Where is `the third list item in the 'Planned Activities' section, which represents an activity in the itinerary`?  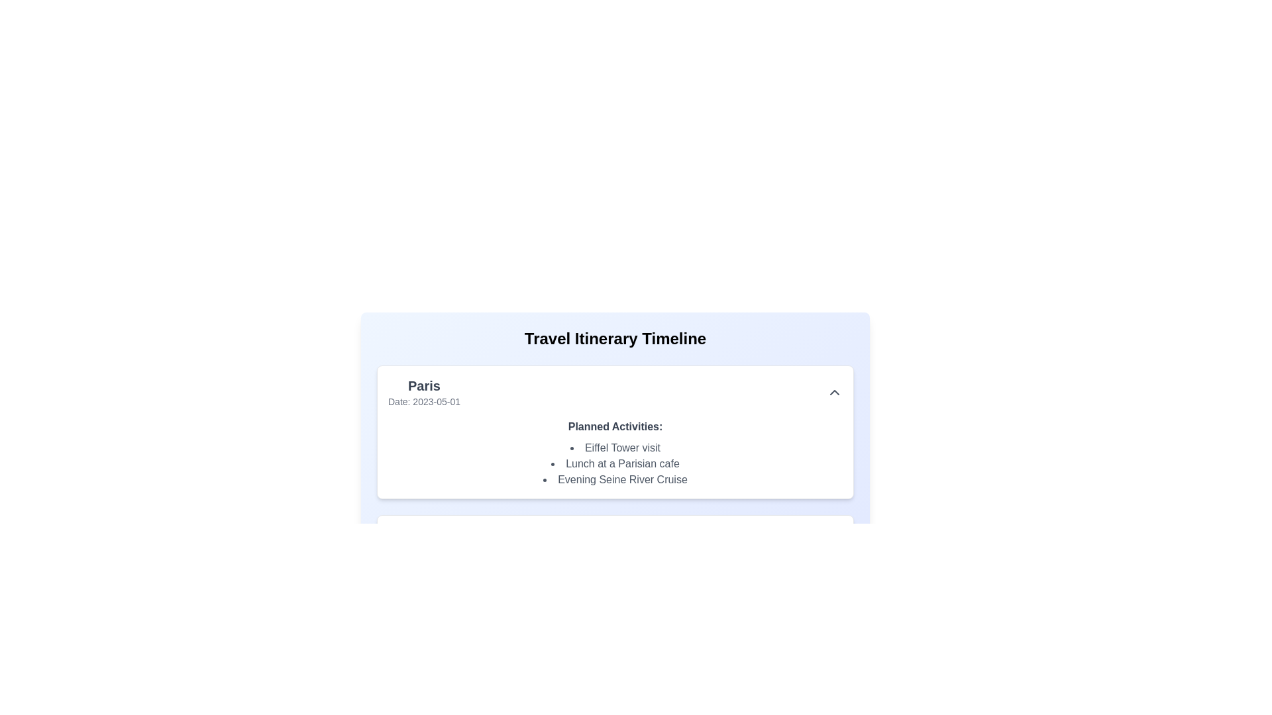
the third list item in the 'Planned Activities' section, which represents an activity in the itinerary is located at coordinates (615, 480).